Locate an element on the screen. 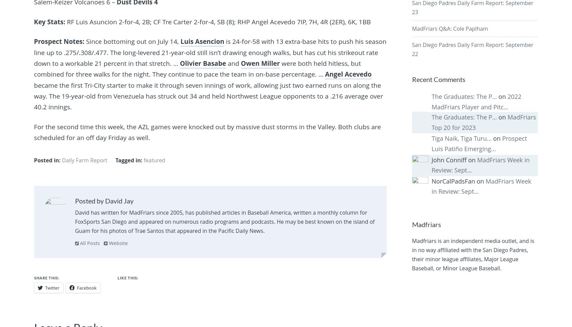 The height and width of the screenshot is (327, 572). 'MadFriars Top 20 for 2023' is located at coordinates (483, 122).